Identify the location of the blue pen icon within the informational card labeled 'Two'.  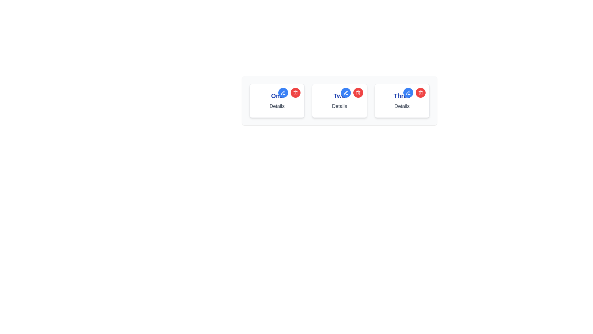
(339, 101).